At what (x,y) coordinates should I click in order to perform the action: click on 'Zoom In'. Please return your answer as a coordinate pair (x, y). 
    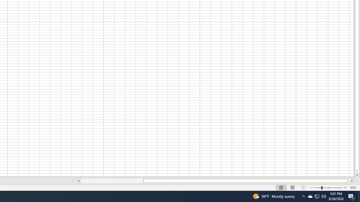
    Looking at the image, I should click on (345, 188).